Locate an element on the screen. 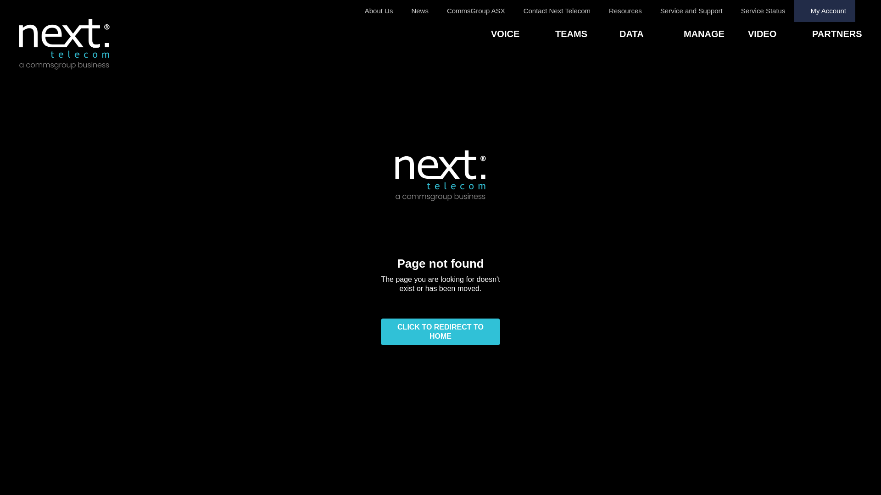 Image resolution: width=881 pixels, height=495 pixels. 'Resources' is located at coordinates (599, 11).